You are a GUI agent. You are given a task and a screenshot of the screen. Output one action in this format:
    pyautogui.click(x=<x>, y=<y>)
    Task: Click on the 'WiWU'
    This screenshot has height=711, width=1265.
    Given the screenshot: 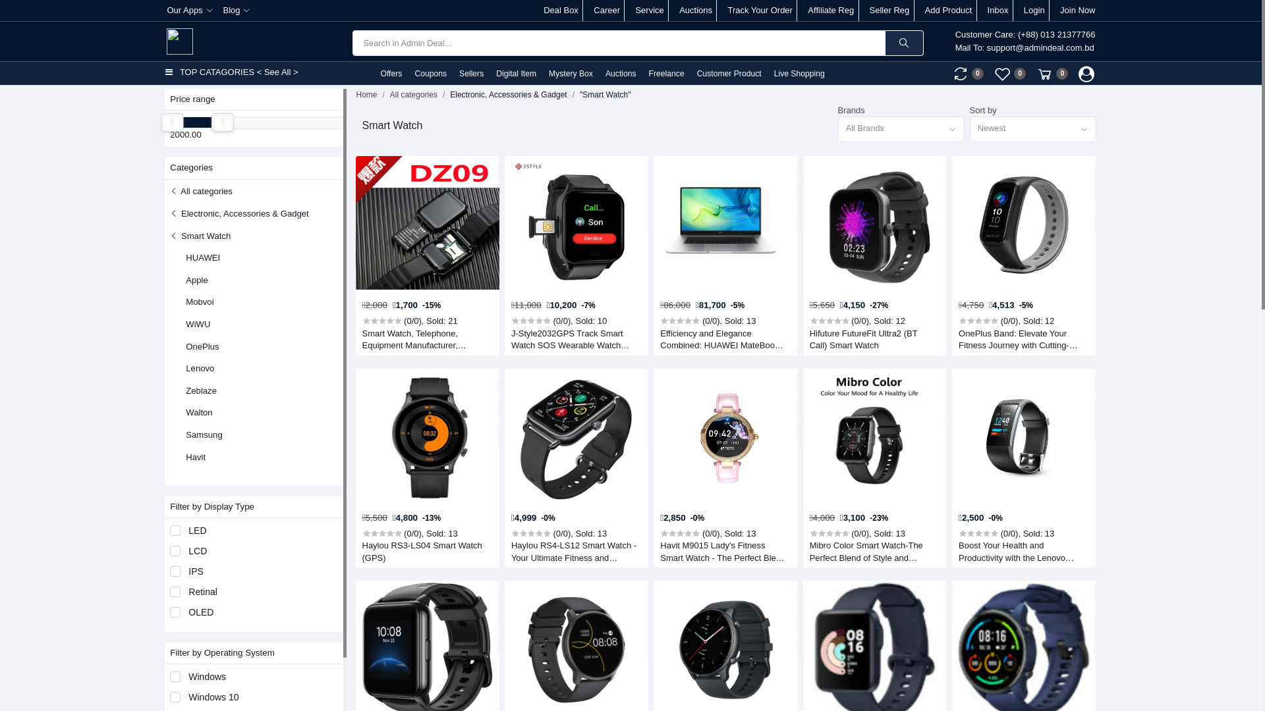 What is the action you would take?
    pyautogui.click(x=197, y=324)
    